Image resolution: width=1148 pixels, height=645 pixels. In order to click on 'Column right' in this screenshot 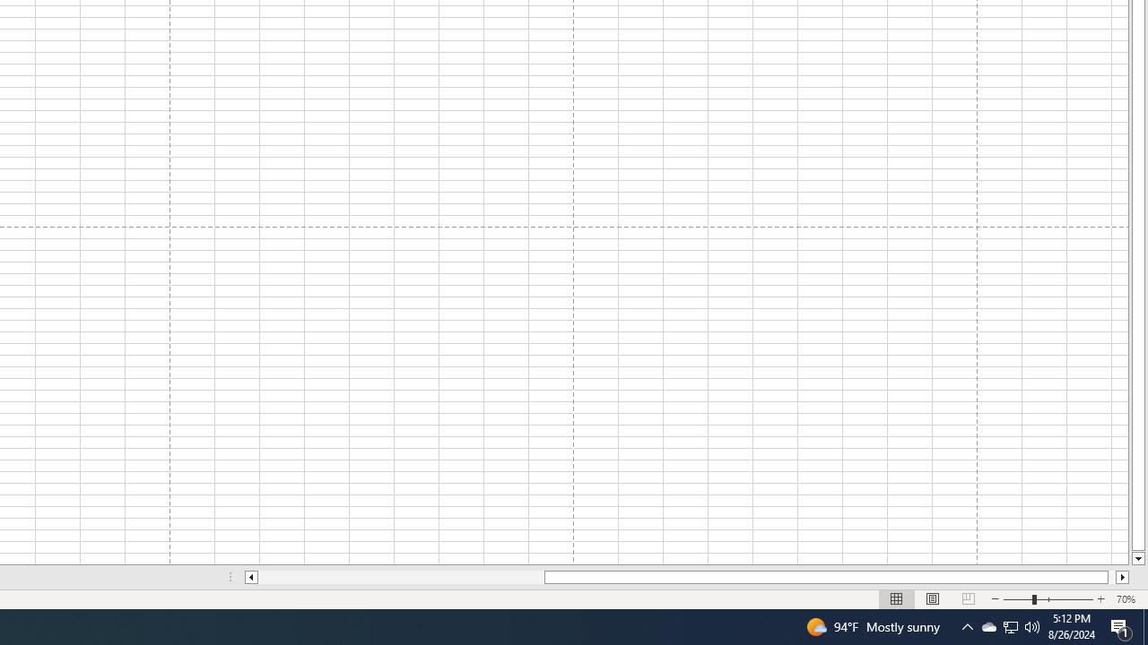, I will do `click(1122, 577)`.